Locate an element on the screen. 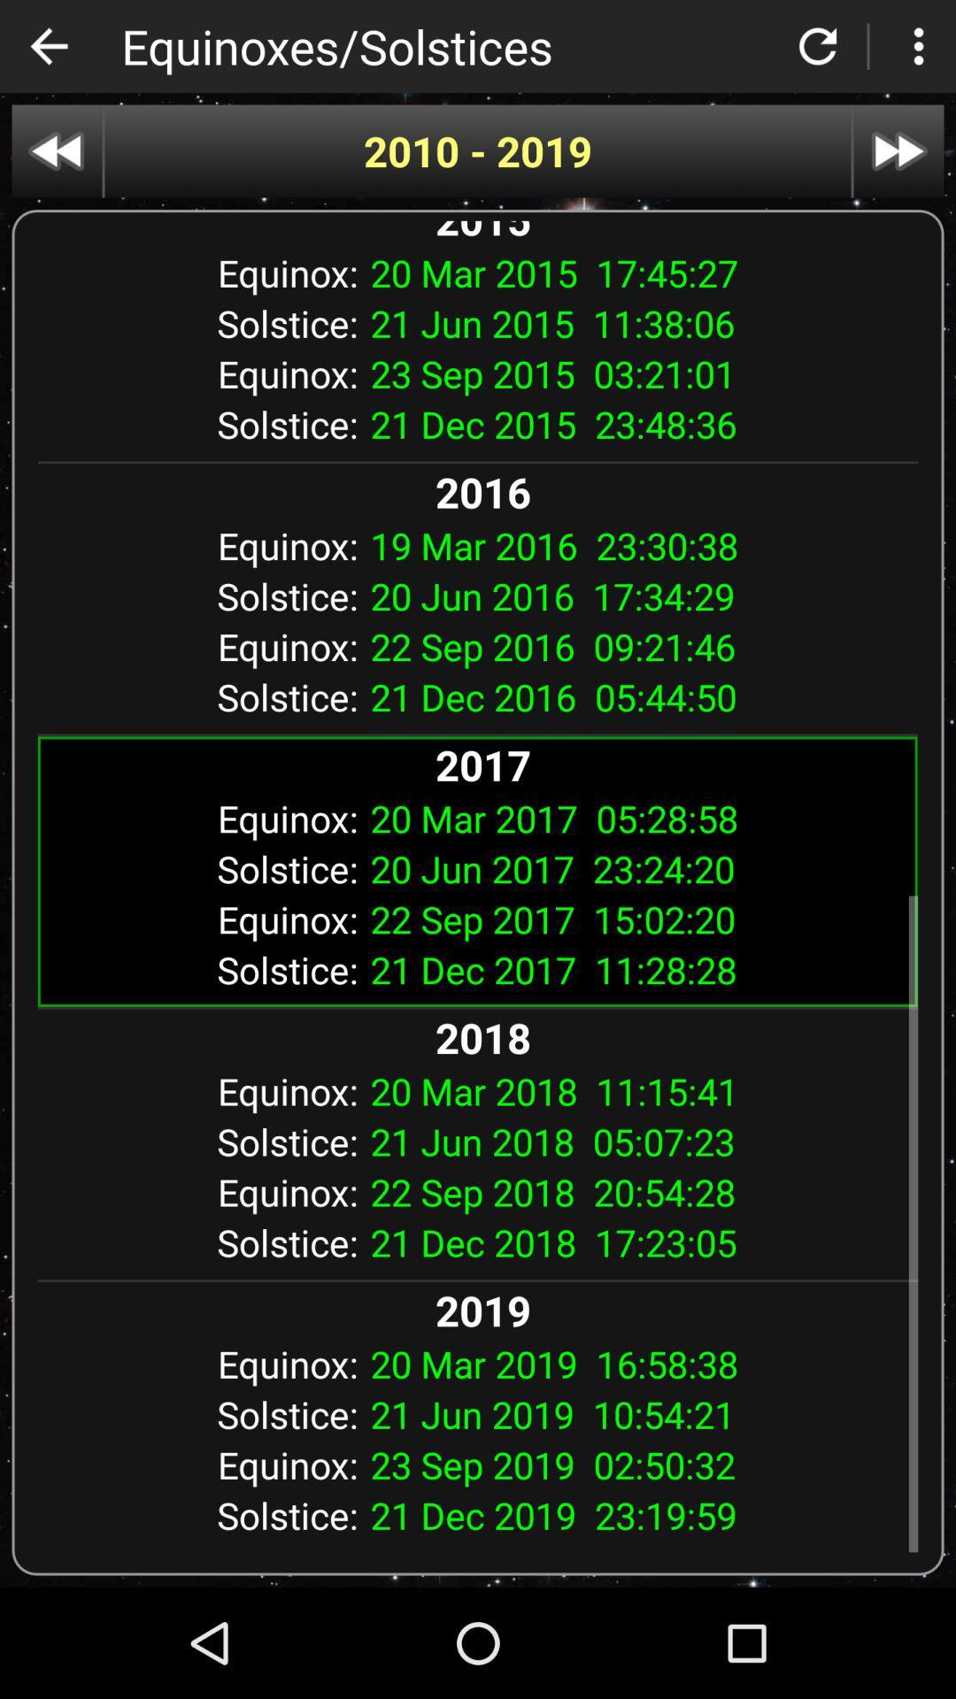 This screenshot has height=1699, width=956. open settings menu is located at coordinates (917, 46).